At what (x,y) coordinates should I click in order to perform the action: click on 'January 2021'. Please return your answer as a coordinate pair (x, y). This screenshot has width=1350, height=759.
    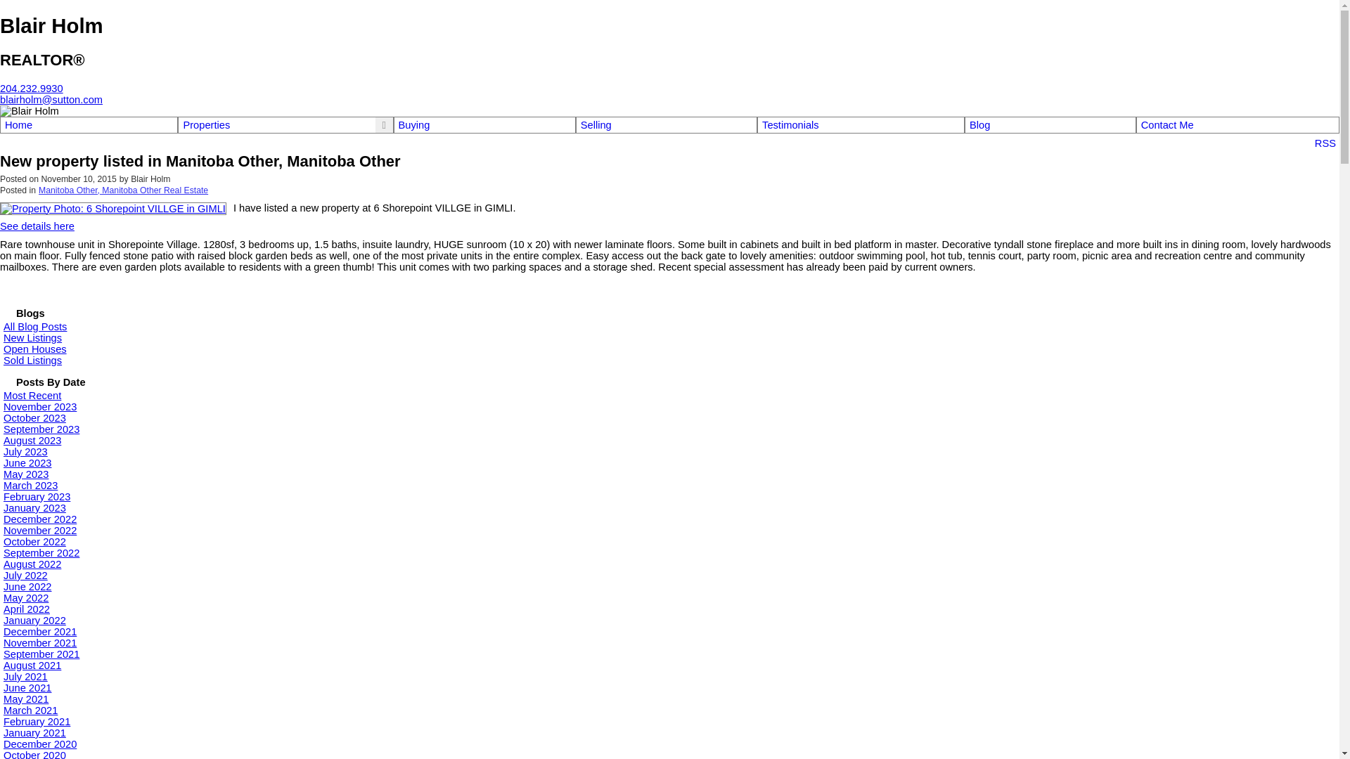
    Looking at the image, I should click on (34, 732).